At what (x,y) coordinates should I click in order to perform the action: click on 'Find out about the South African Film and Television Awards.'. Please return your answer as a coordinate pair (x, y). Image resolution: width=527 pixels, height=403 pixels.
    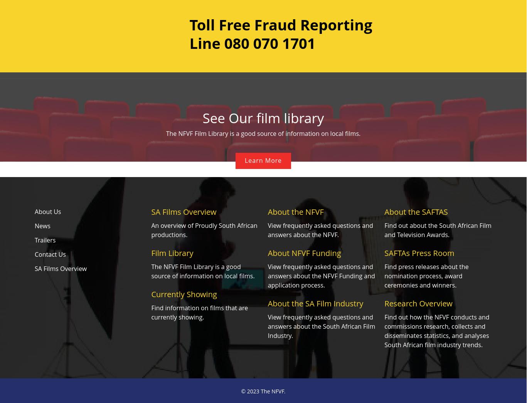
    Looking at the image, I should click on (438, 230).